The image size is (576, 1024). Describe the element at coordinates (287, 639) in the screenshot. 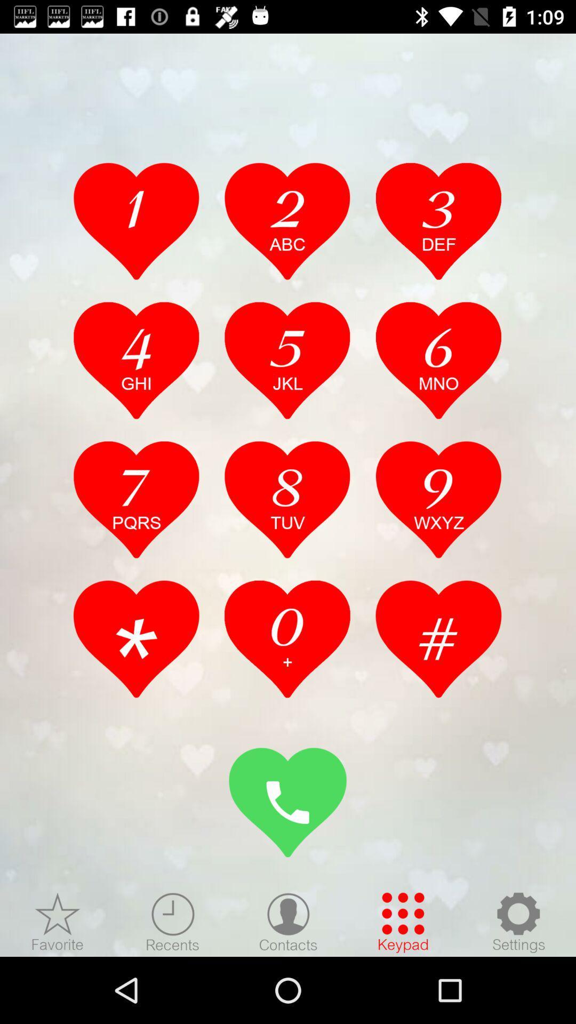

I see `zero` at that location.